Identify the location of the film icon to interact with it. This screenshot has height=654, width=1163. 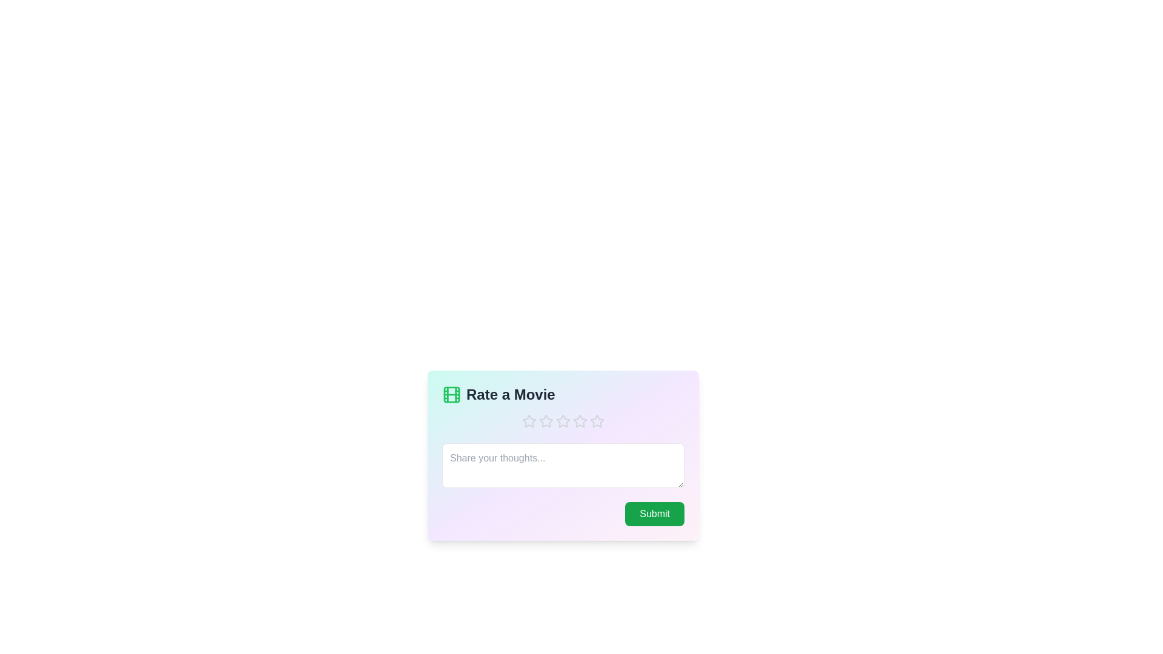
(451, 394).